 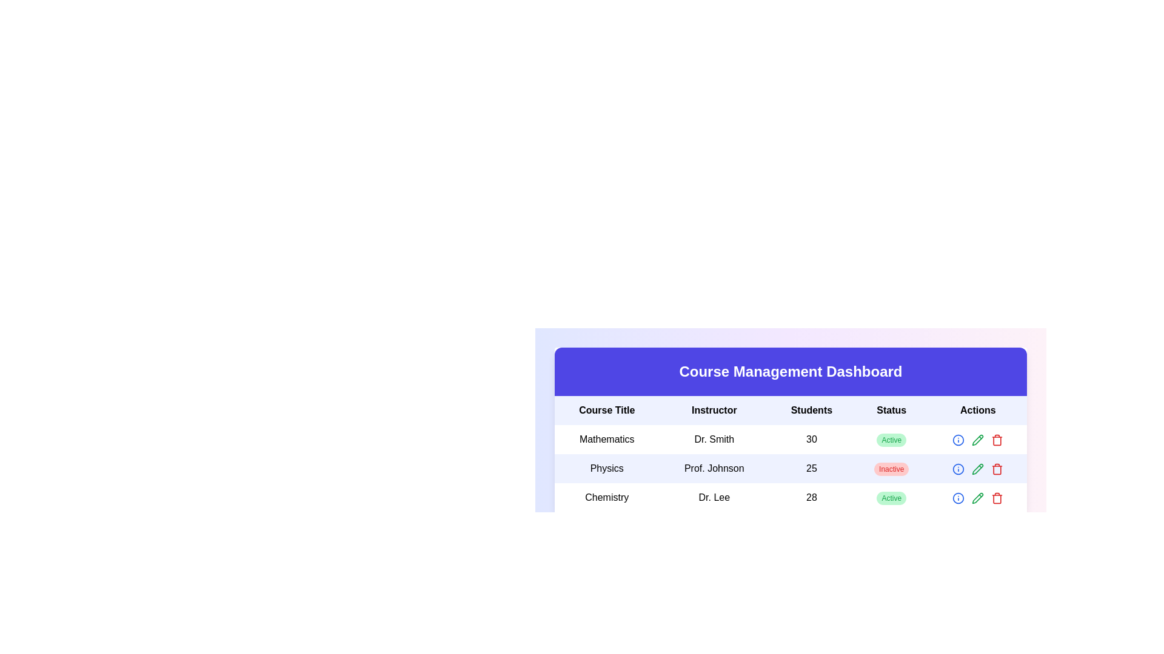 What do you see at coordinates (978, 468) in the screenshot?
I see `the green pencil icon representing the editing function in the Actions section of the table row for Physics and Prof. Johnson` at bounding box center [978, 468].